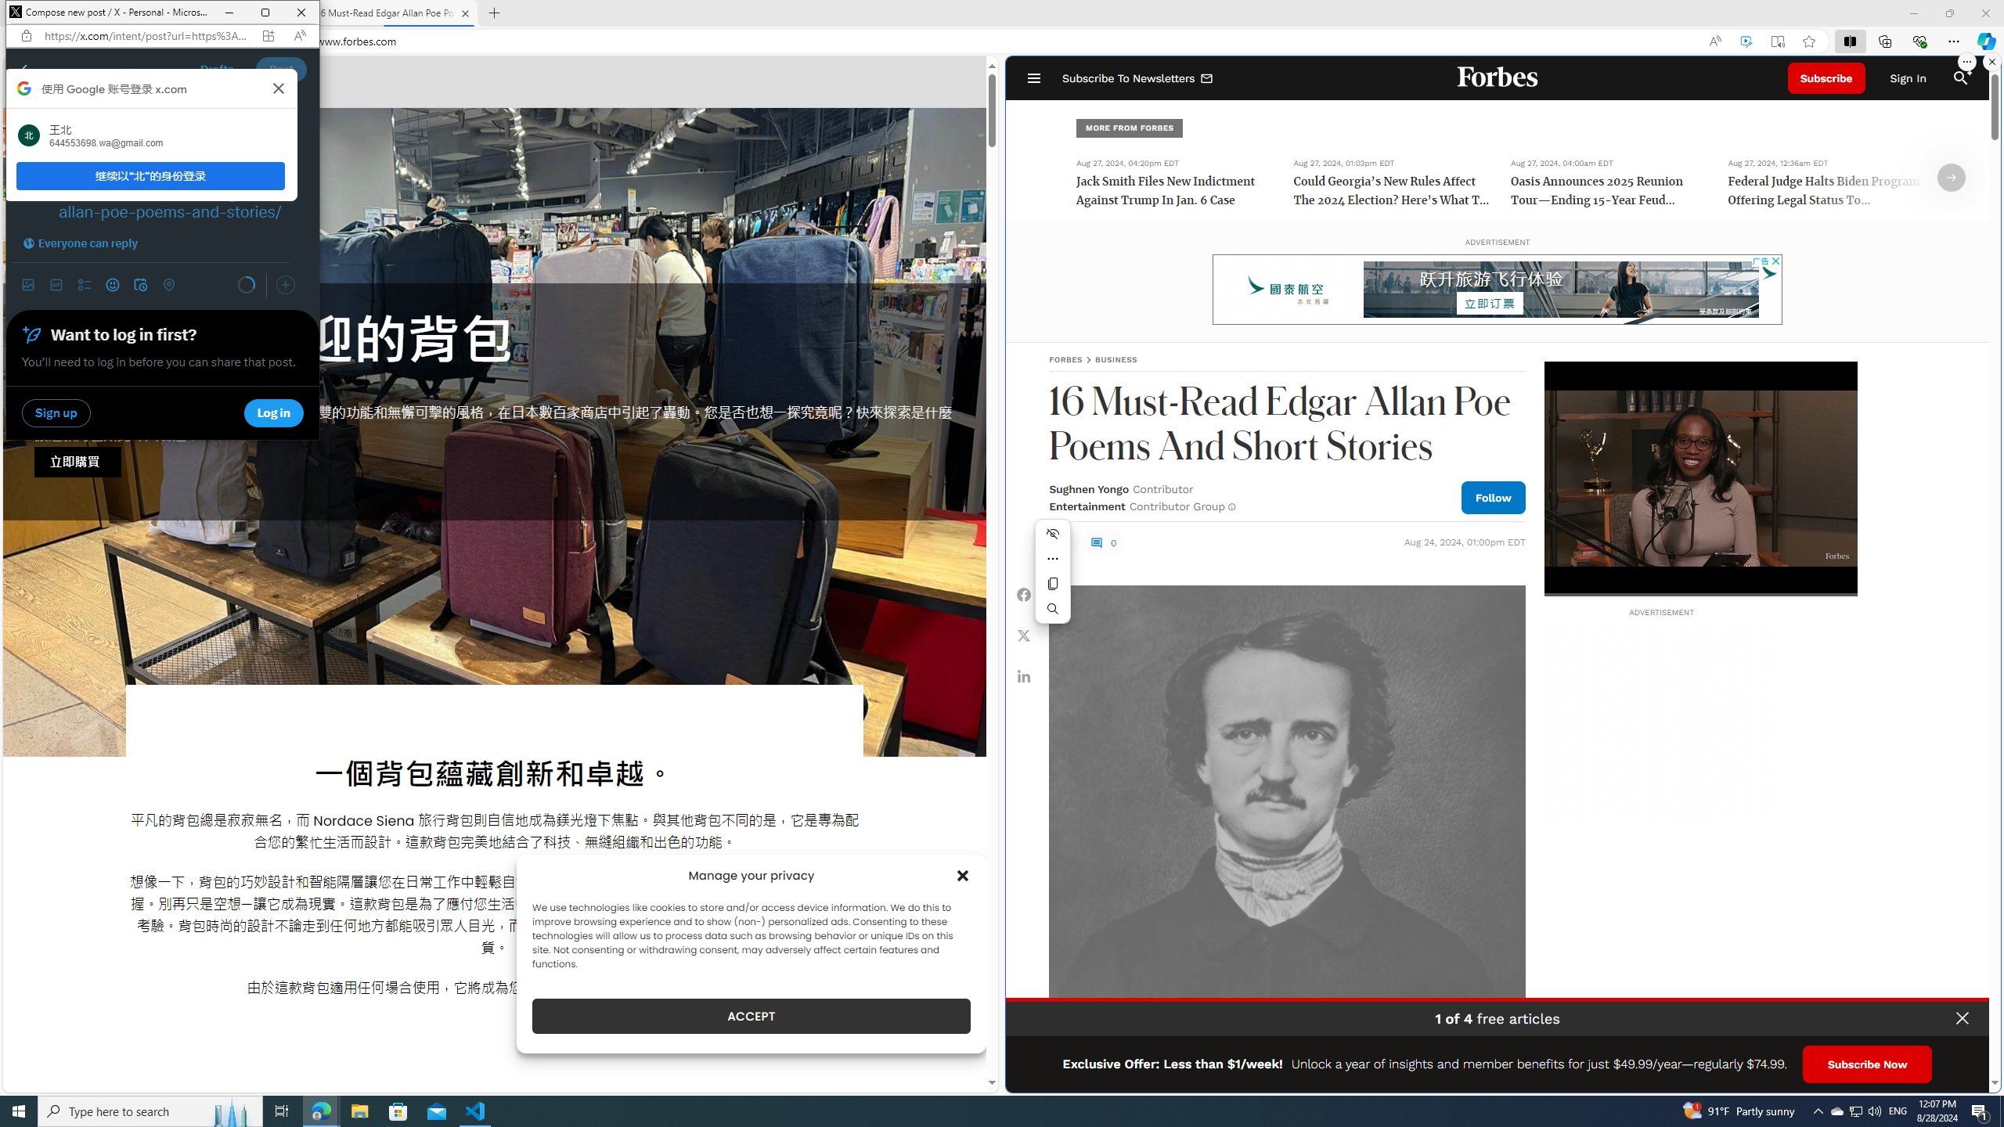 The width and height of the screenshot is (2004, 1127). Describe the element at coordinates (1086, 506) in the screenshot. I see `'Entertainment'` at that location.